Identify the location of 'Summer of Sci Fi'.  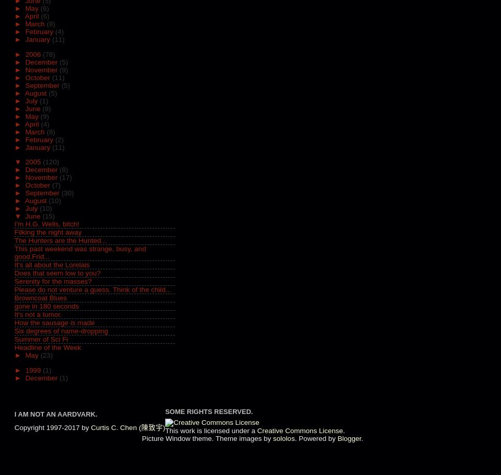
(40, 339).